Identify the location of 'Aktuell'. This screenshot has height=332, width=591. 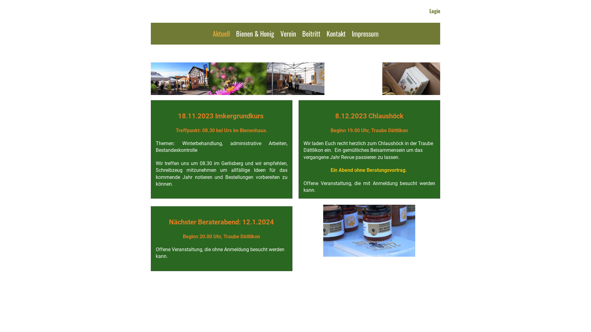
(221, 34).